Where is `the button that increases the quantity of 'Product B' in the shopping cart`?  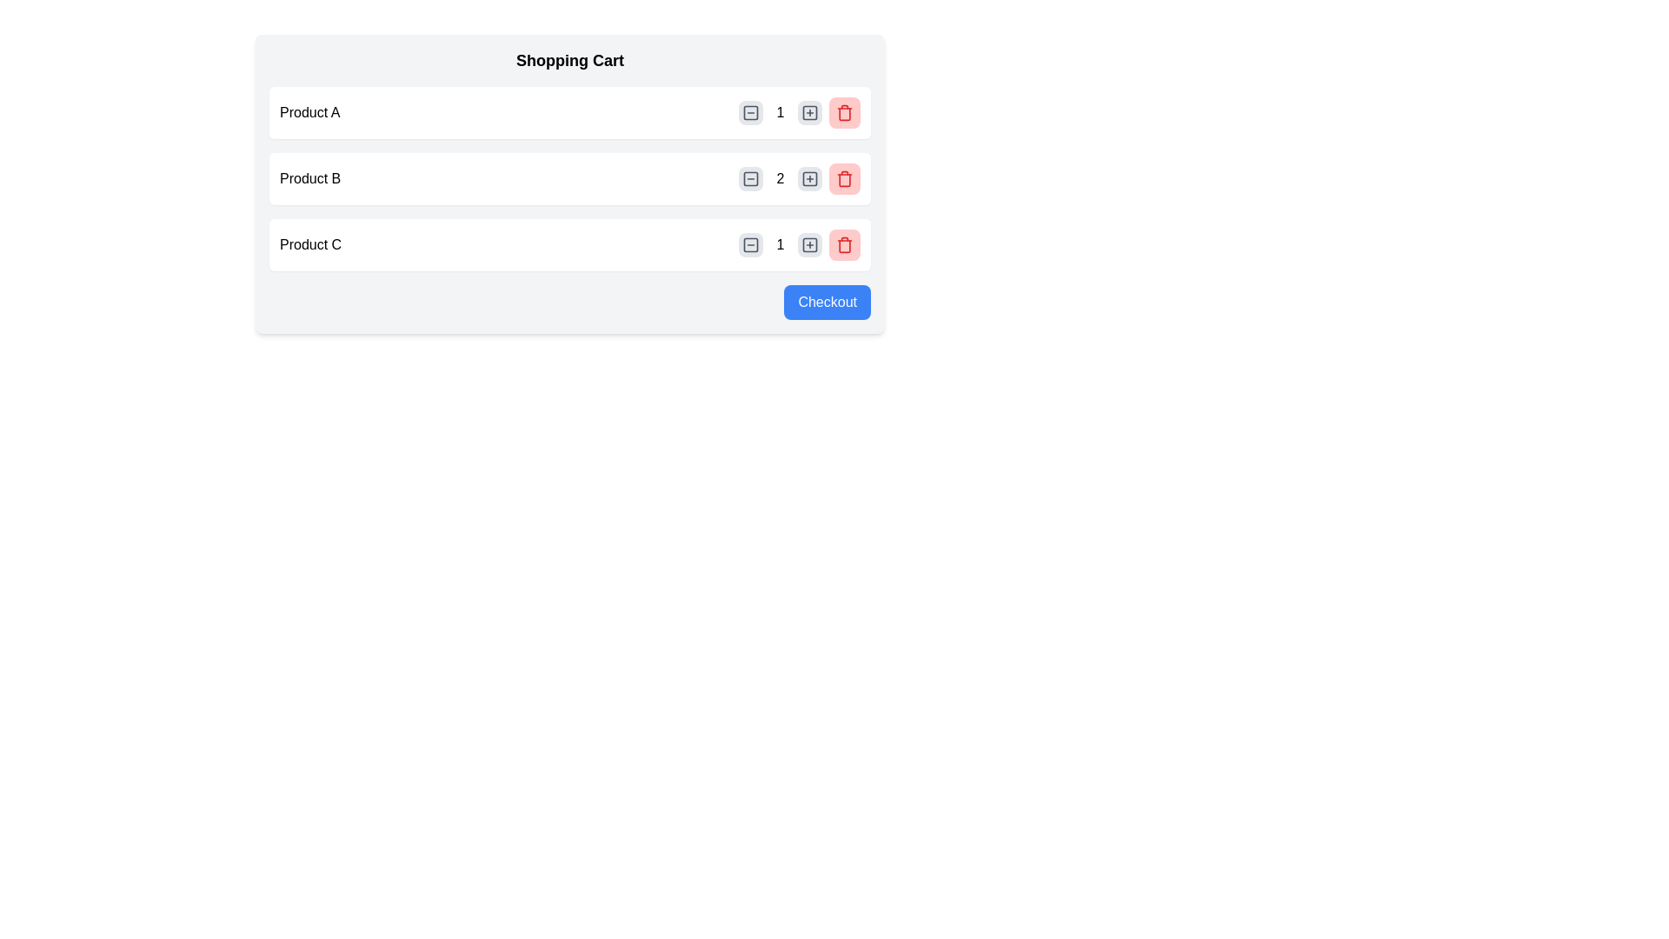
the button that increases the quantity of 'Product B' in the shopping cart is located at coordinates (808, 178).